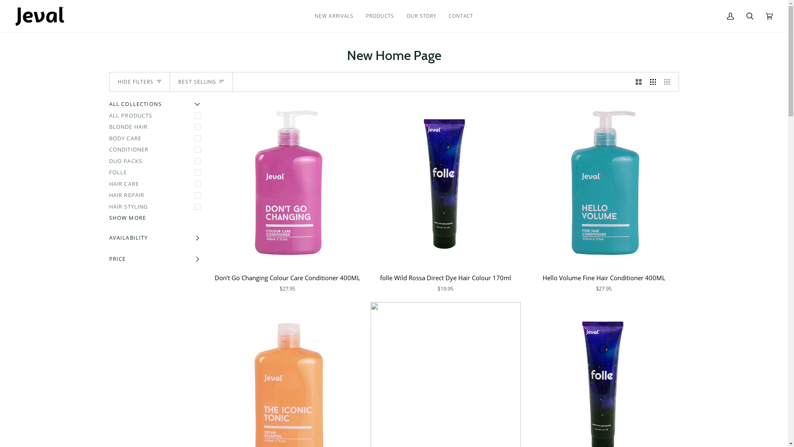  I want to click on 'HAIR CARE', so click(157, 183).